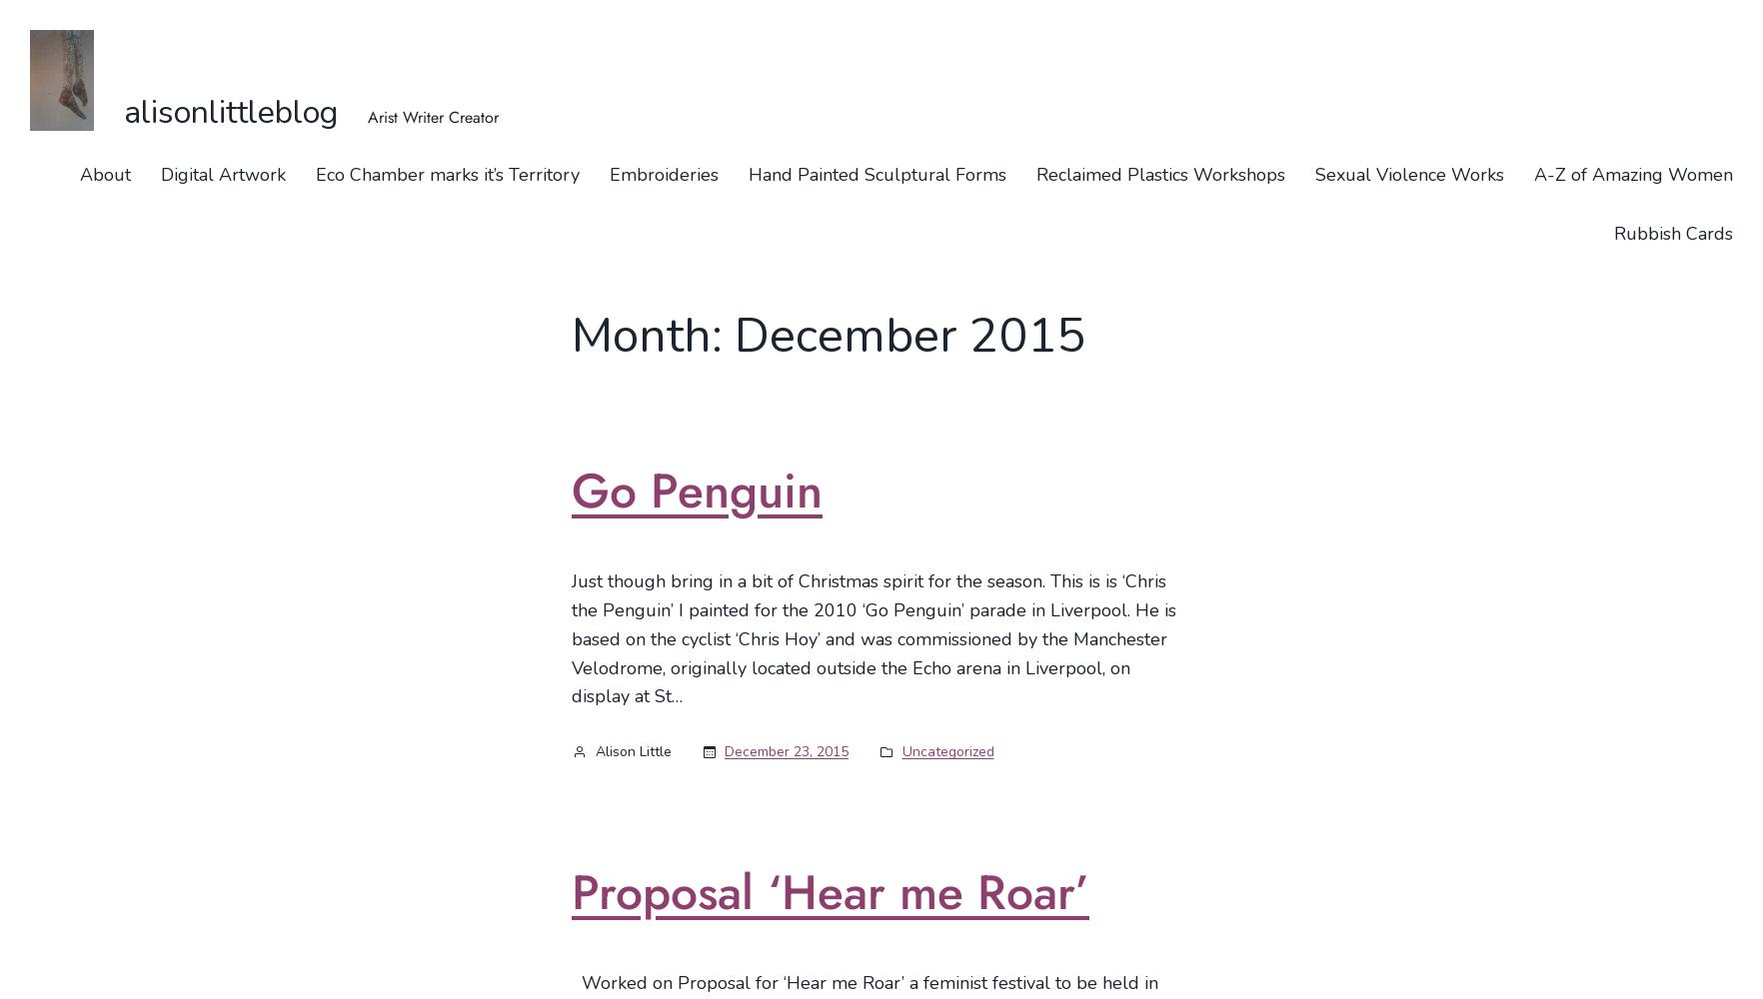 This screenshot has width=1763, height=999. I want to click on 'Digital Artwork', so click(223, 175).